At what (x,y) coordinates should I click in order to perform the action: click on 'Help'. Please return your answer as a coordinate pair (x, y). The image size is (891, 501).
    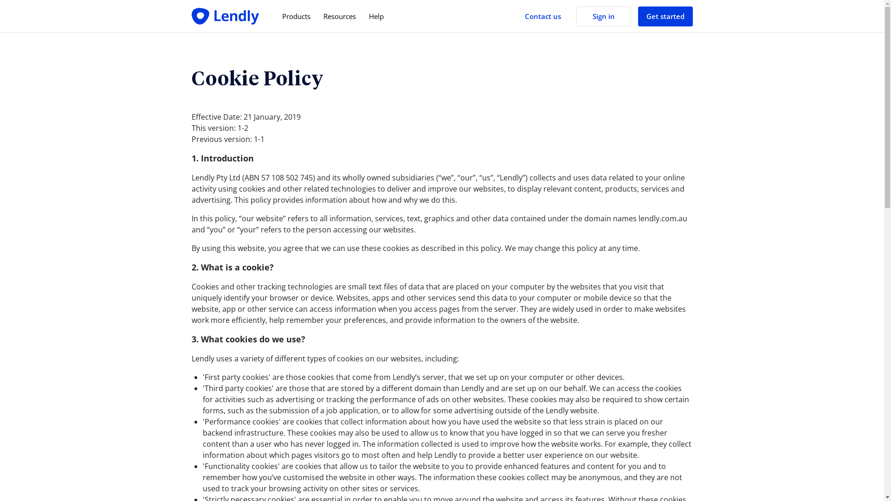
    Looking at the image, I should click on (376, 16).